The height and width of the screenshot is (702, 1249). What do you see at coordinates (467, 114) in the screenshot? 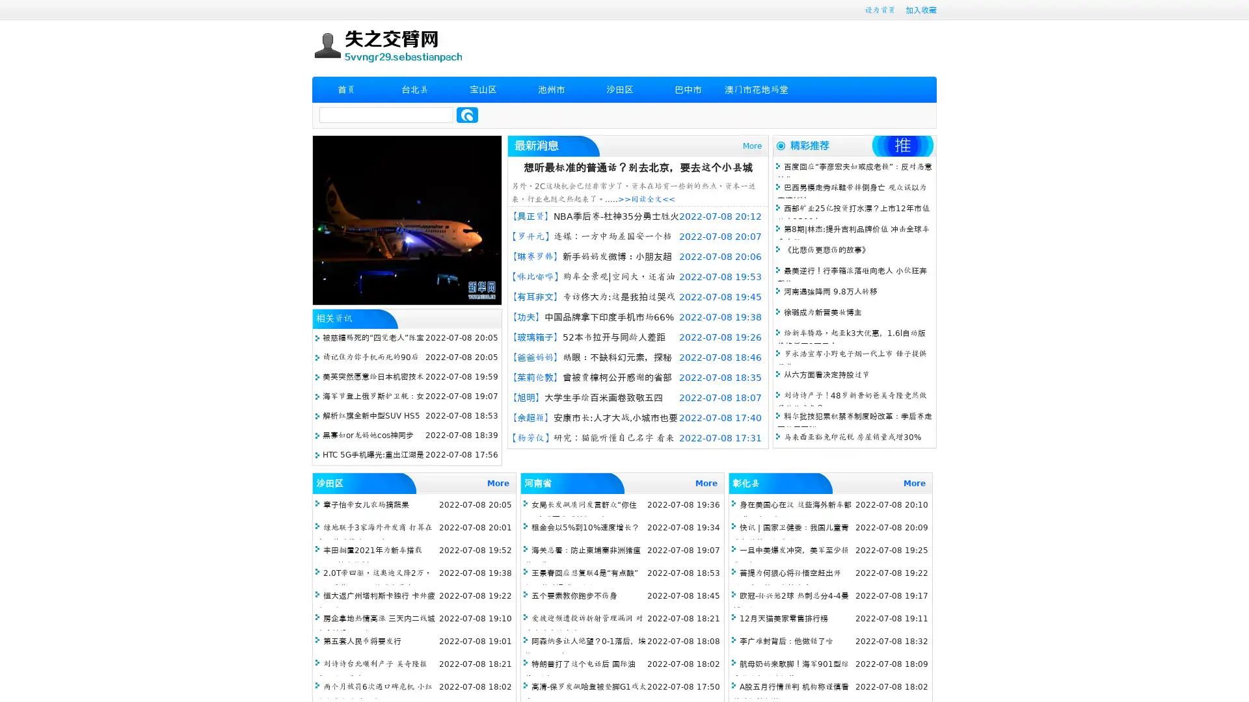
I see `Search` at bounding box center [467, 114].